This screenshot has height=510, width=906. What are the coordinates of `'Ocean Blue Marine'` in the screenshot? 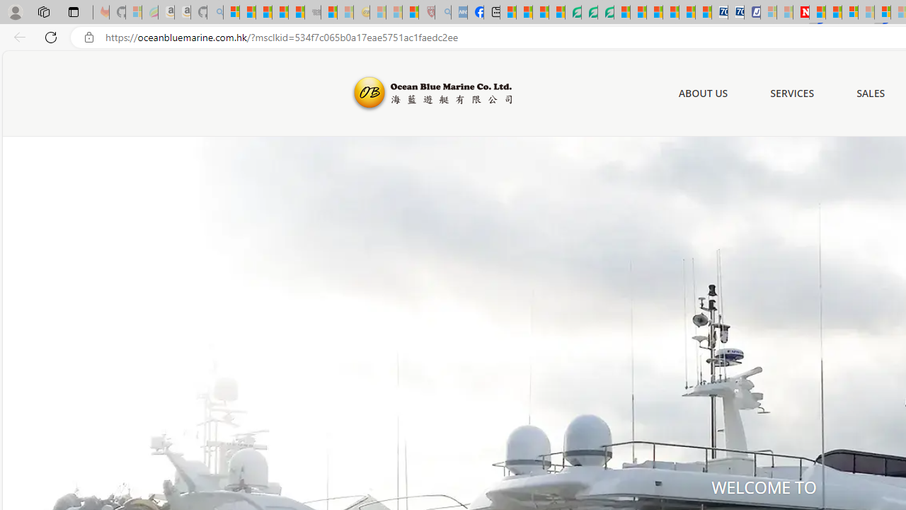 It's located at (430, 93).